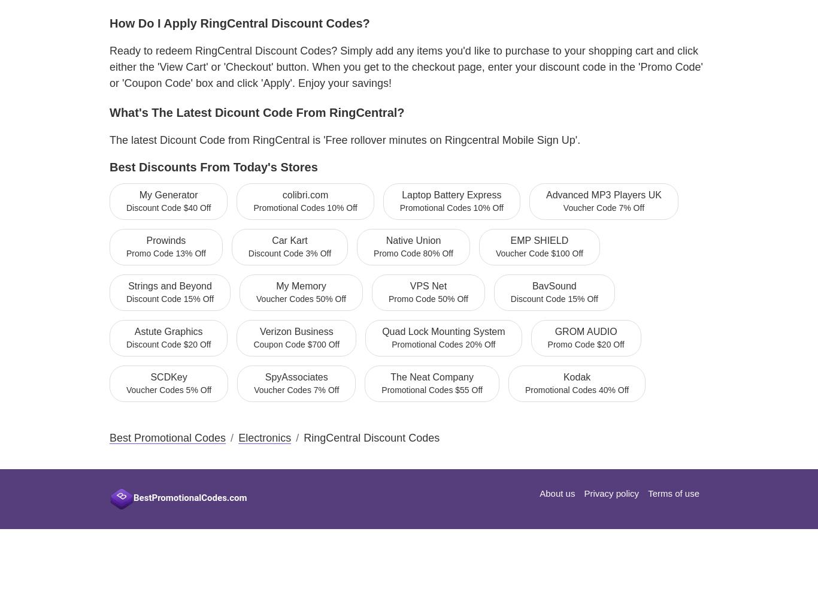 The height and width of the screenshot is (589, 818). What do you see at coordinates (428, 285) in the screenshot?
I see `'VPS Net'` at bounding box center [428, 285].